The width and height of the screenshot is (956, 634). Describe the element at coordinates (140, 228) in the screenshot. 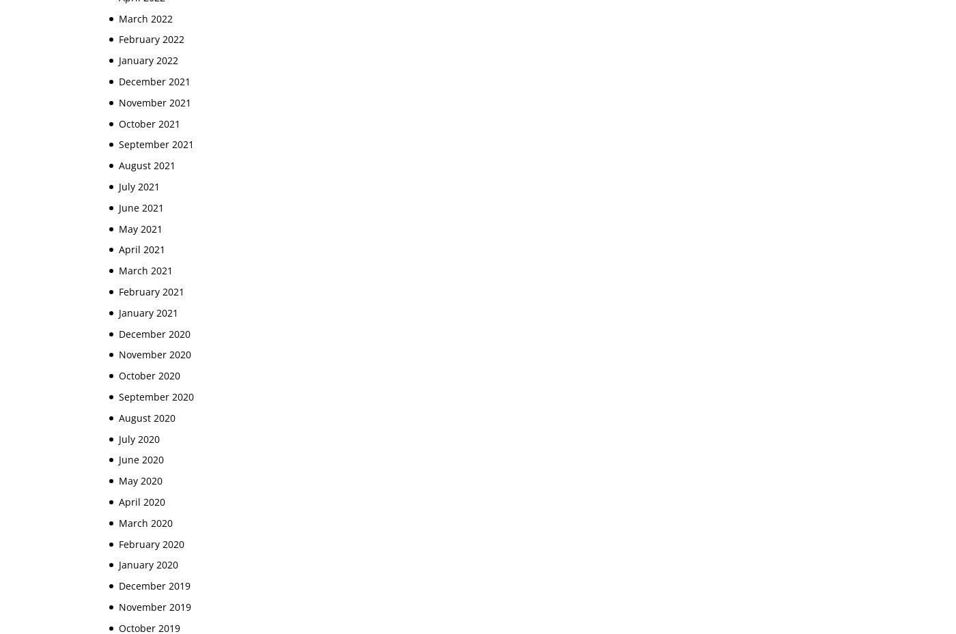

I see `'May 2021'` at that location.